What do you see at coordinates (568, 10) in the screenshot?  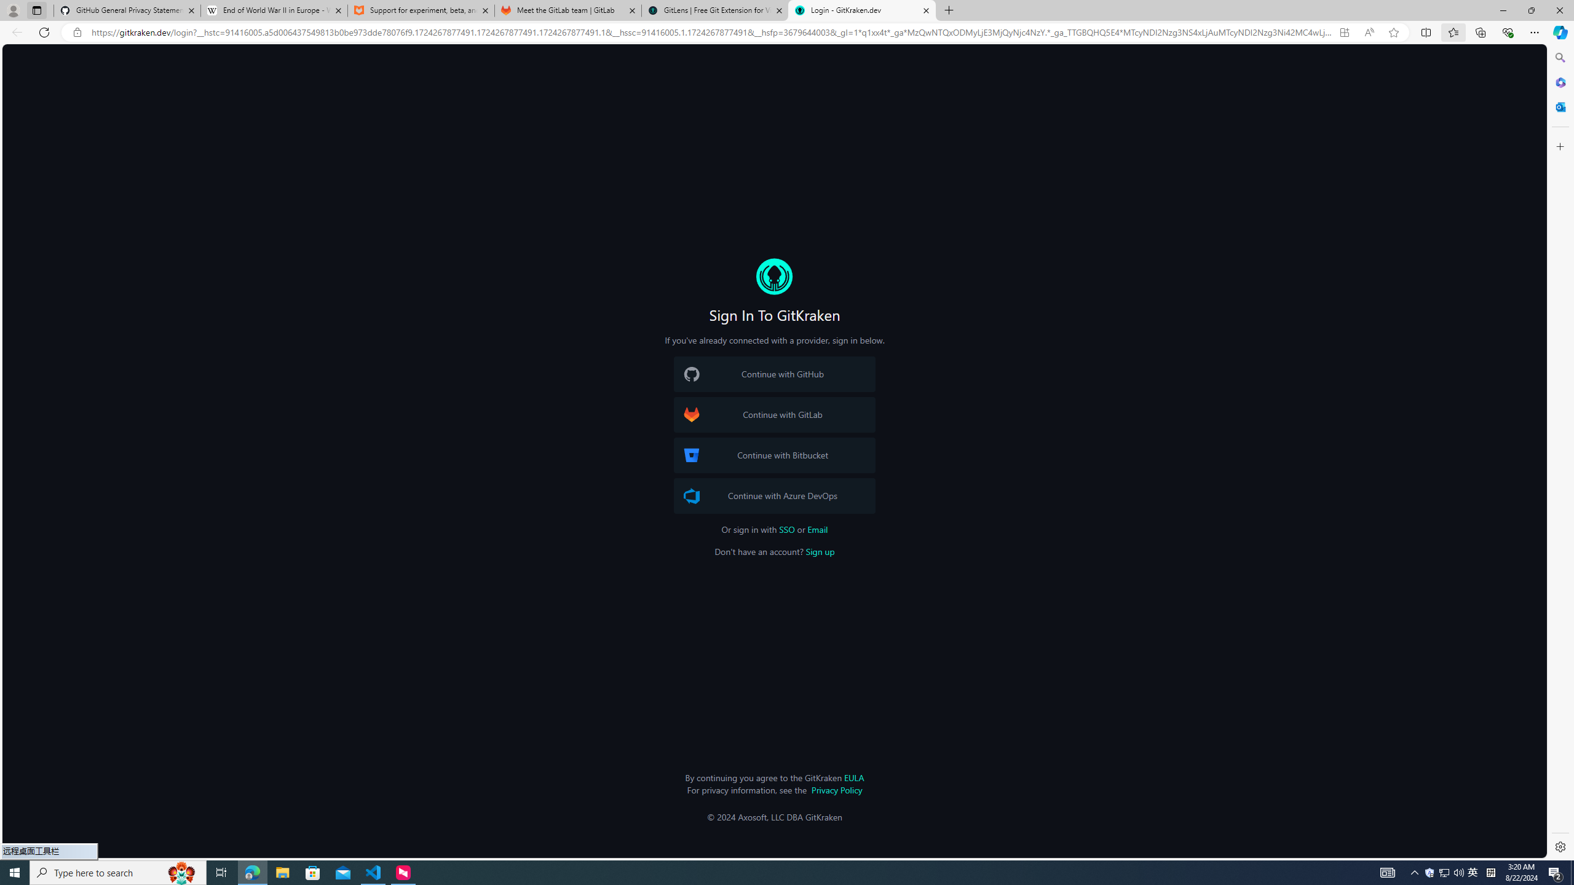 I see `'Meet the GitLab team | GitLab'` at bounding box center [568, 10].